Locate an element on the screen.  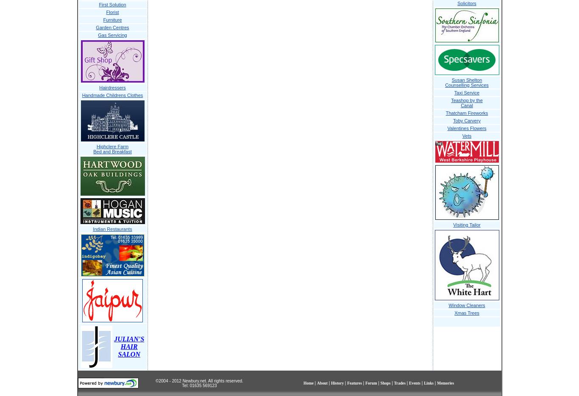
'Vets' is located at coordinates (466, 136).